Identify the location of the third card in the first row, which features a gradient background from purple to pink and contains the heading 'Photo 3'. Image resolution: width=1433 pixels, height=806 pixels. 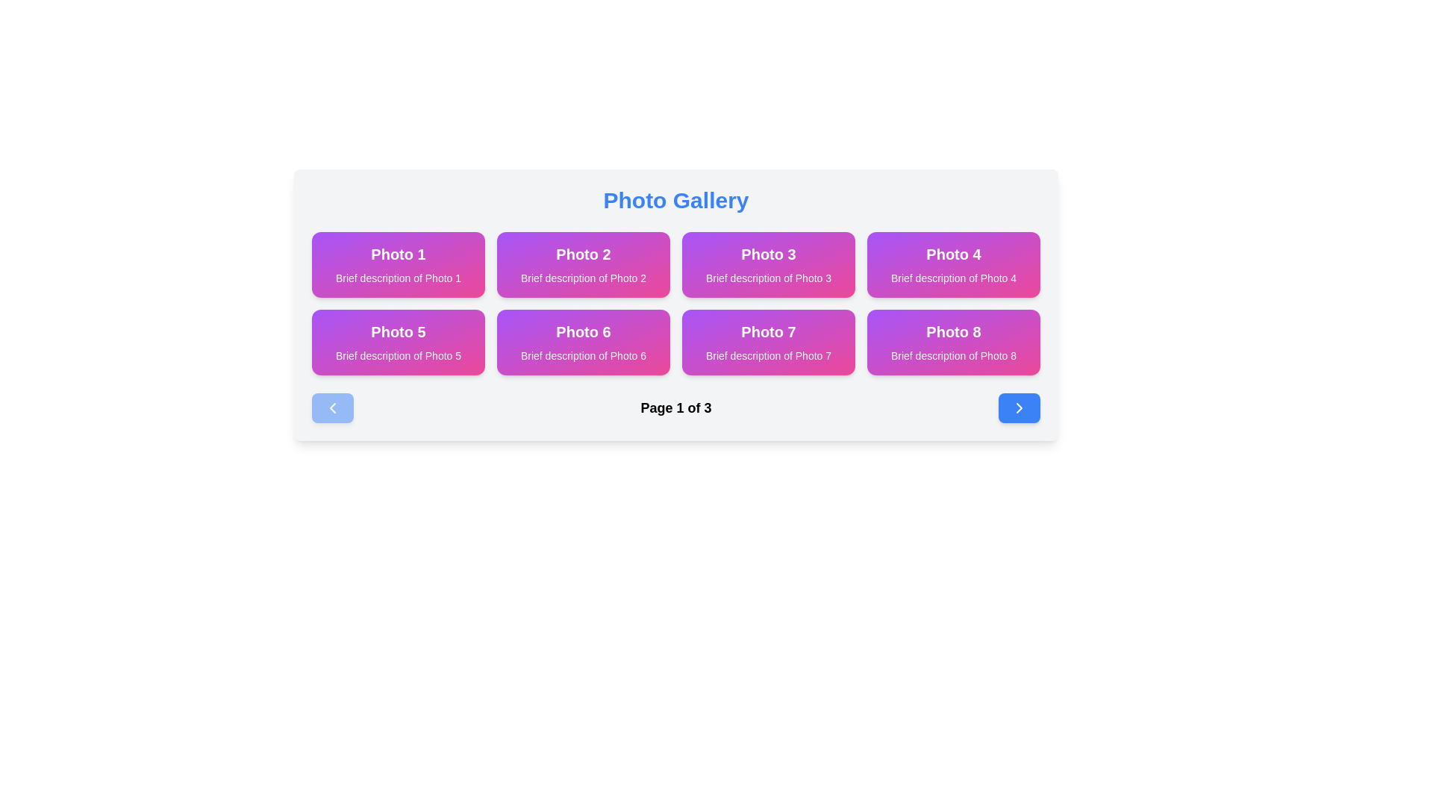
(769, 263).